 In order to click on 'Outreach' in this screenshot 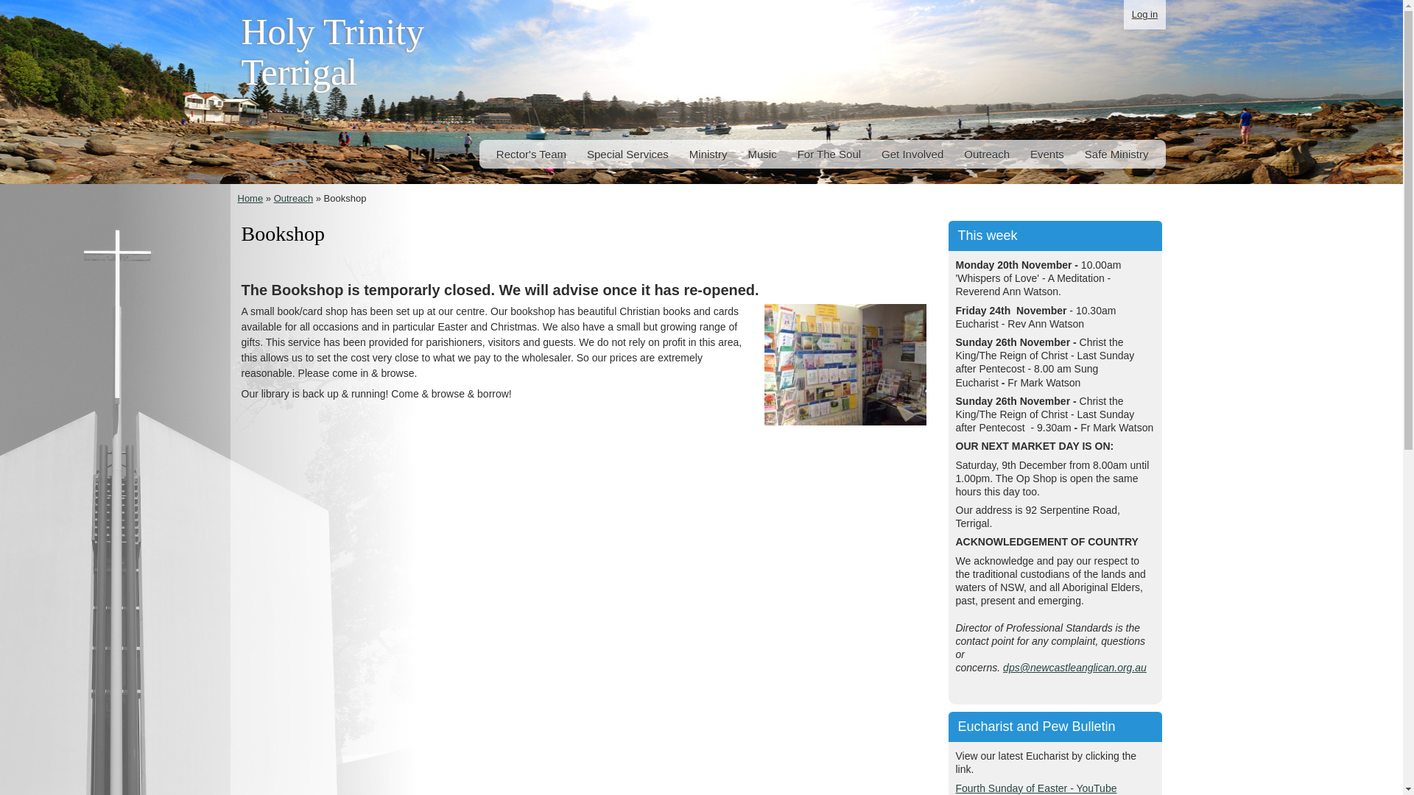, I will do `click(960, 154)`.